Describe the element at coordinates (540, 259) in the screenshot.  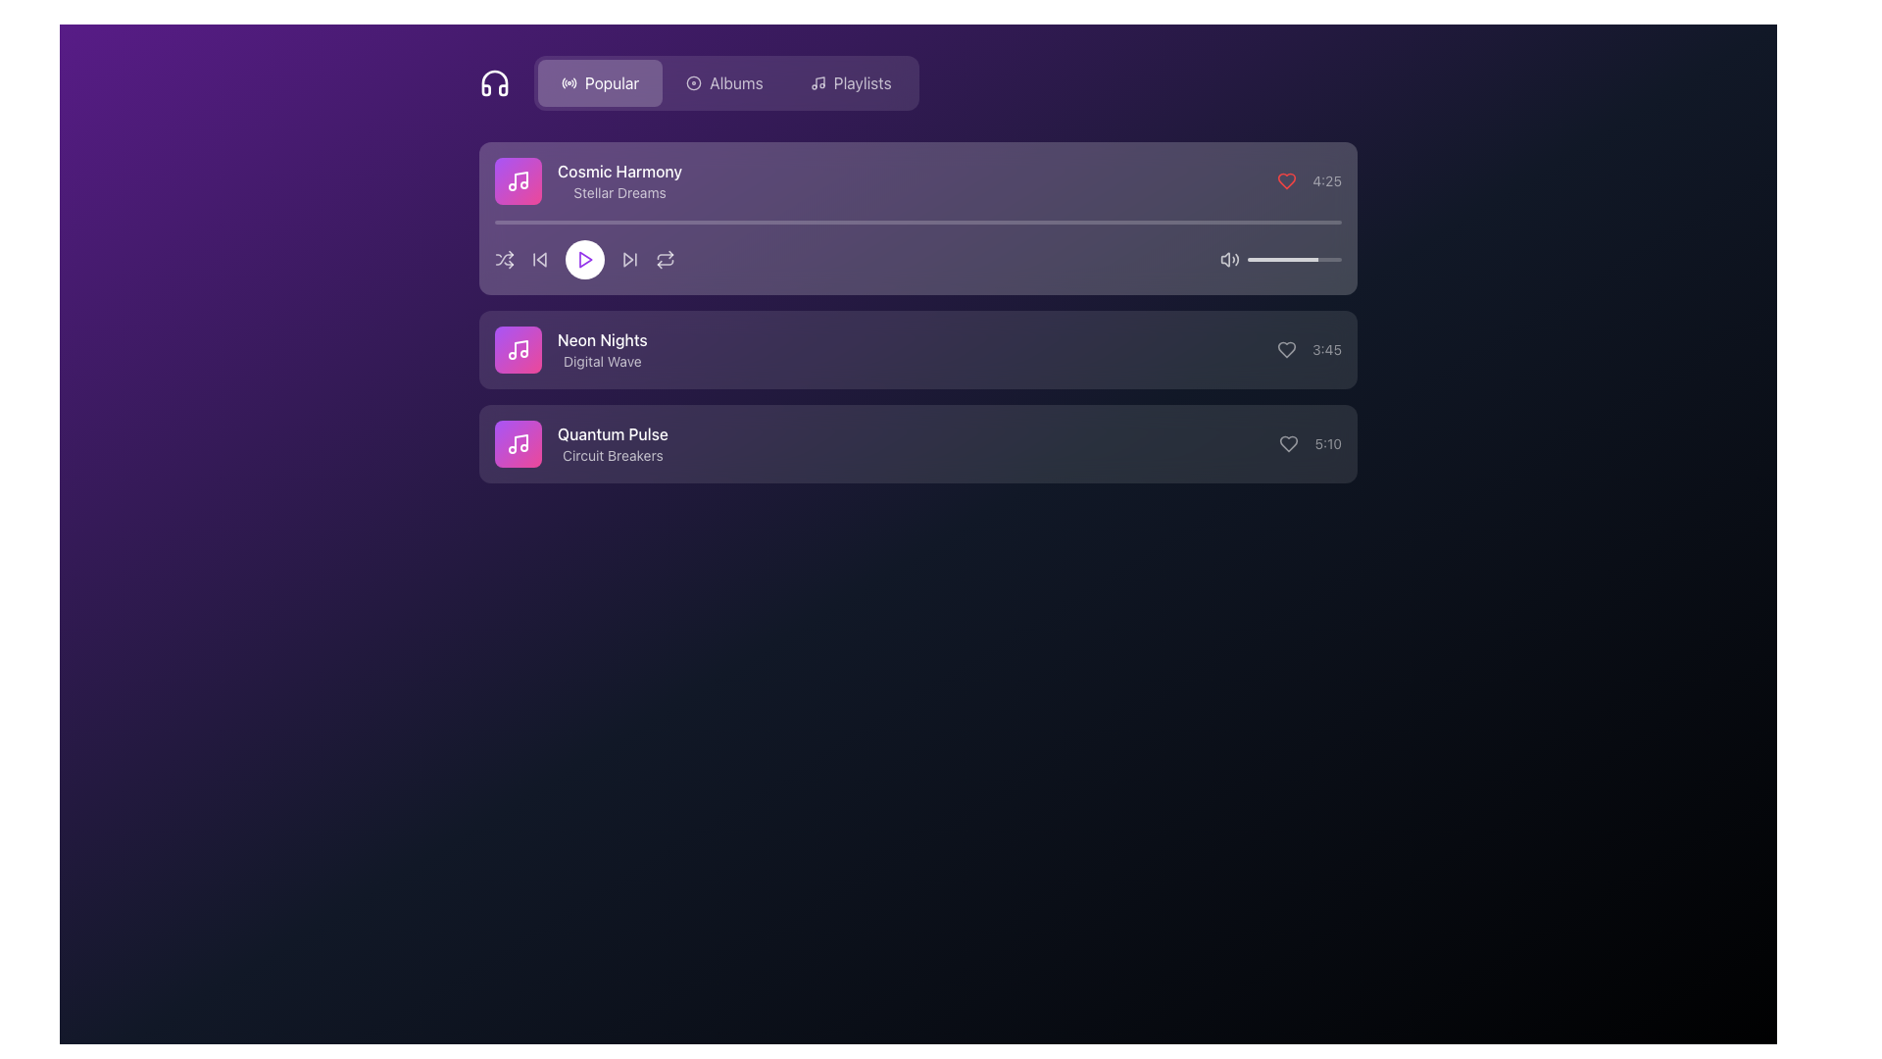
I see `the 'skip back' button with a white icon on a purple background, located under the 'Cosmic Harmony' song entry` at that location.